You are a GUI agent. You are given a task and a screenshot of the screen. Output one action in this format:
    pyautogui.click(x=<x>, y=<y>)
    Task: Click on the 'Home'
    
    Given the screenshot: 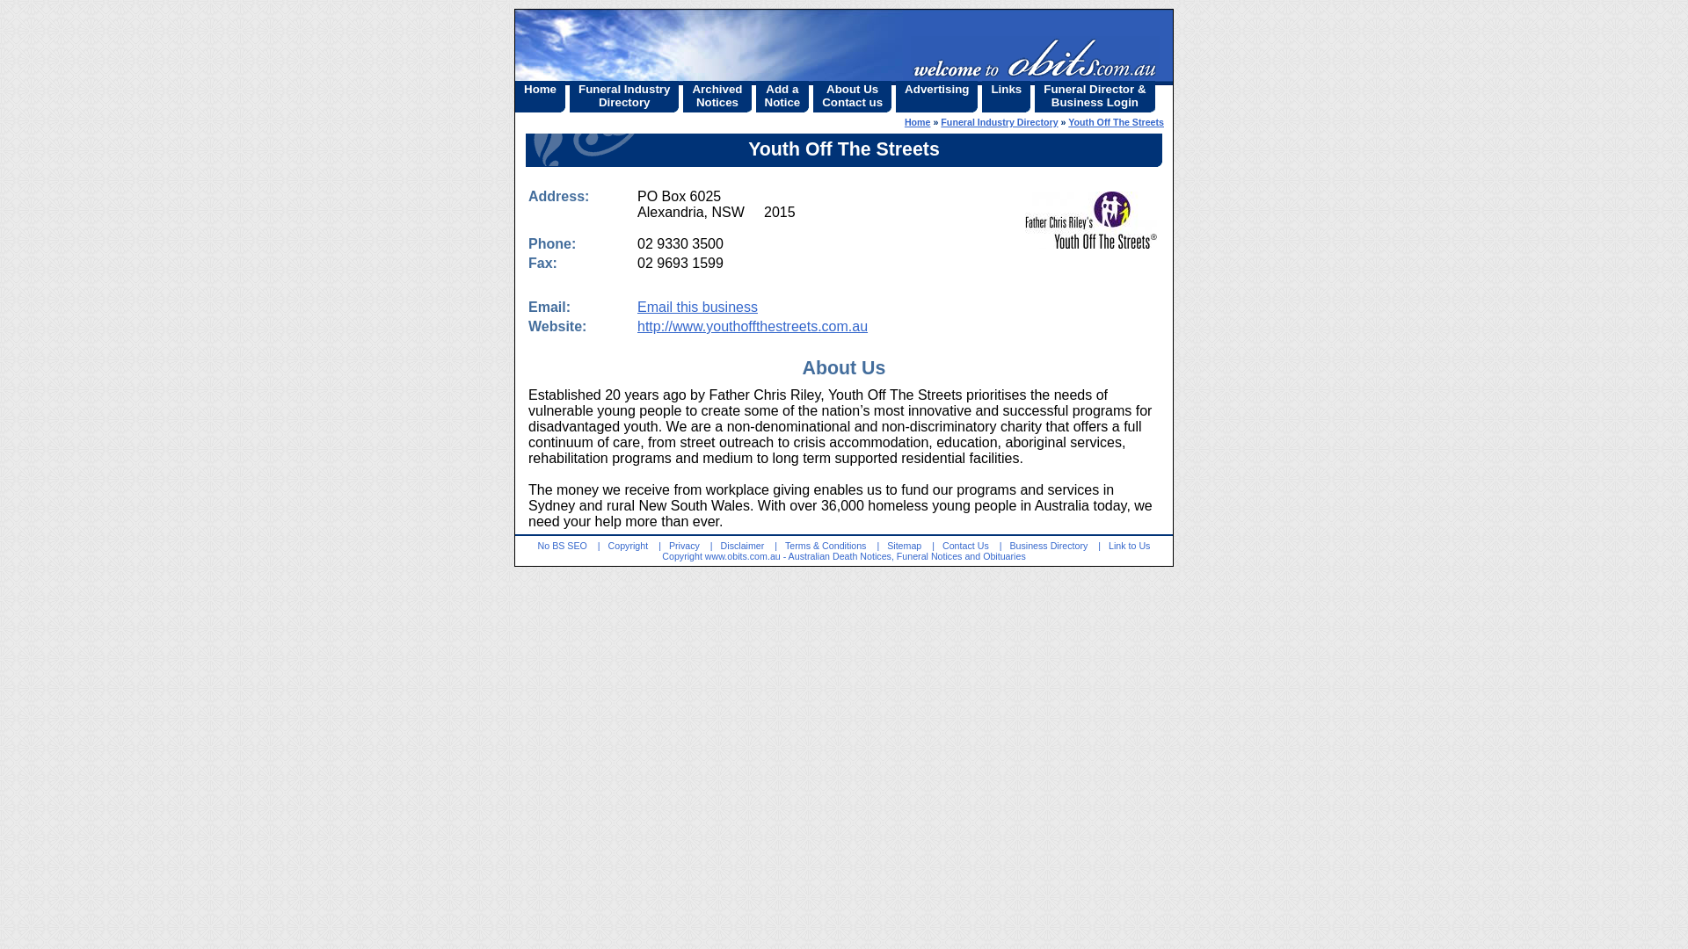 What is the action you would take?
    pyautogui.click(x=916, y=120)
    